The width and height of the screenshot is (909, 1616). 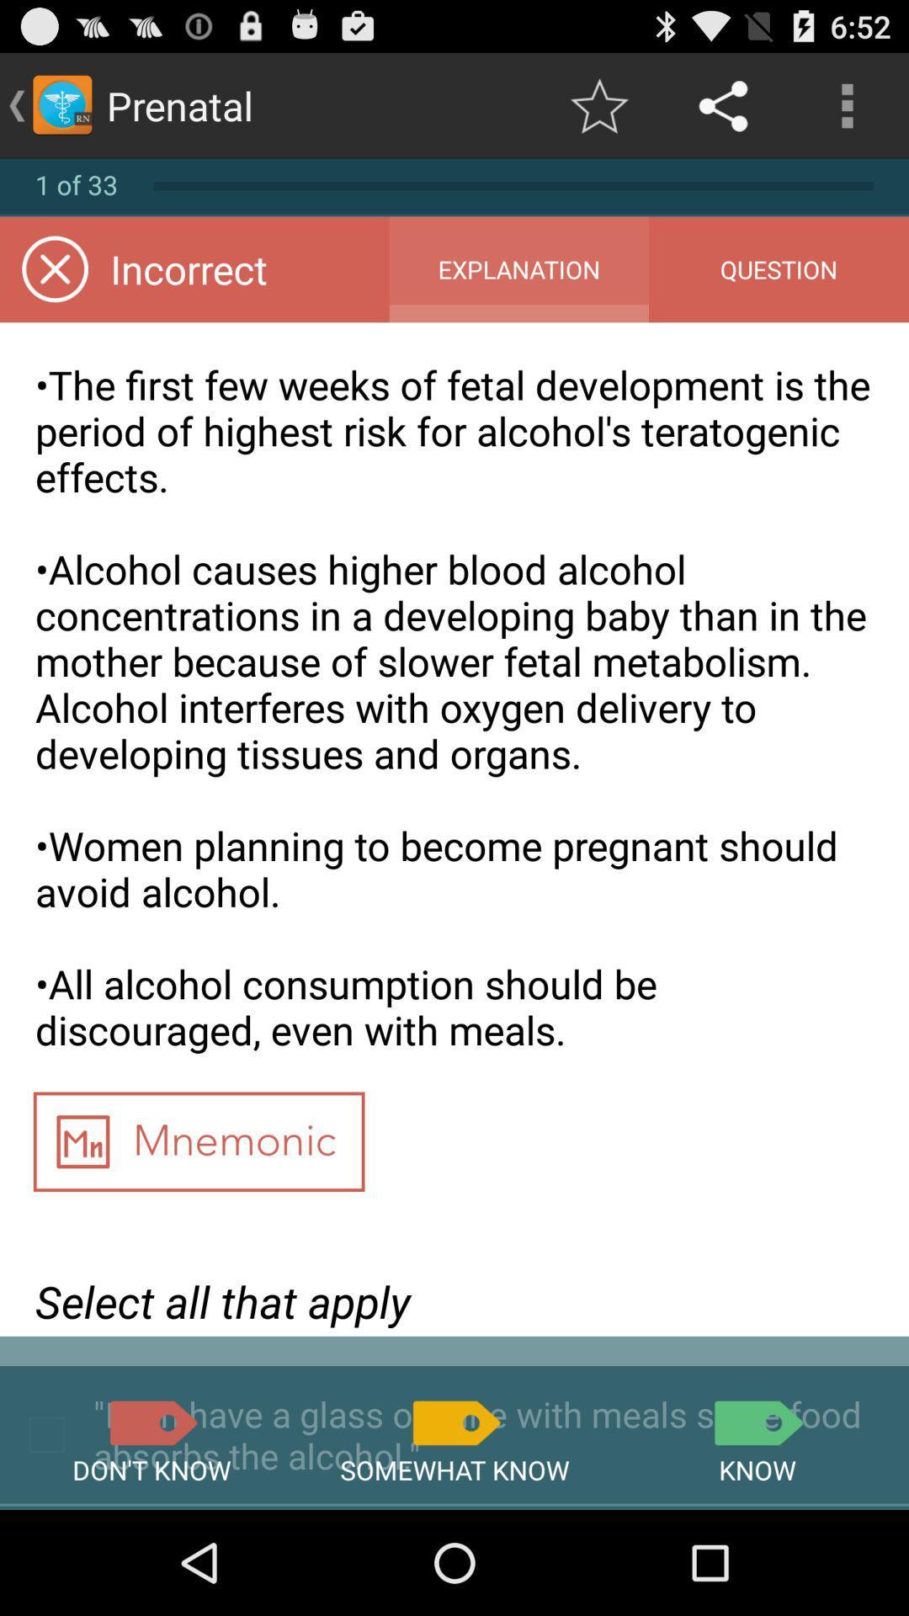 I want to click on item above the the first few item, so click(x=518, y=269).